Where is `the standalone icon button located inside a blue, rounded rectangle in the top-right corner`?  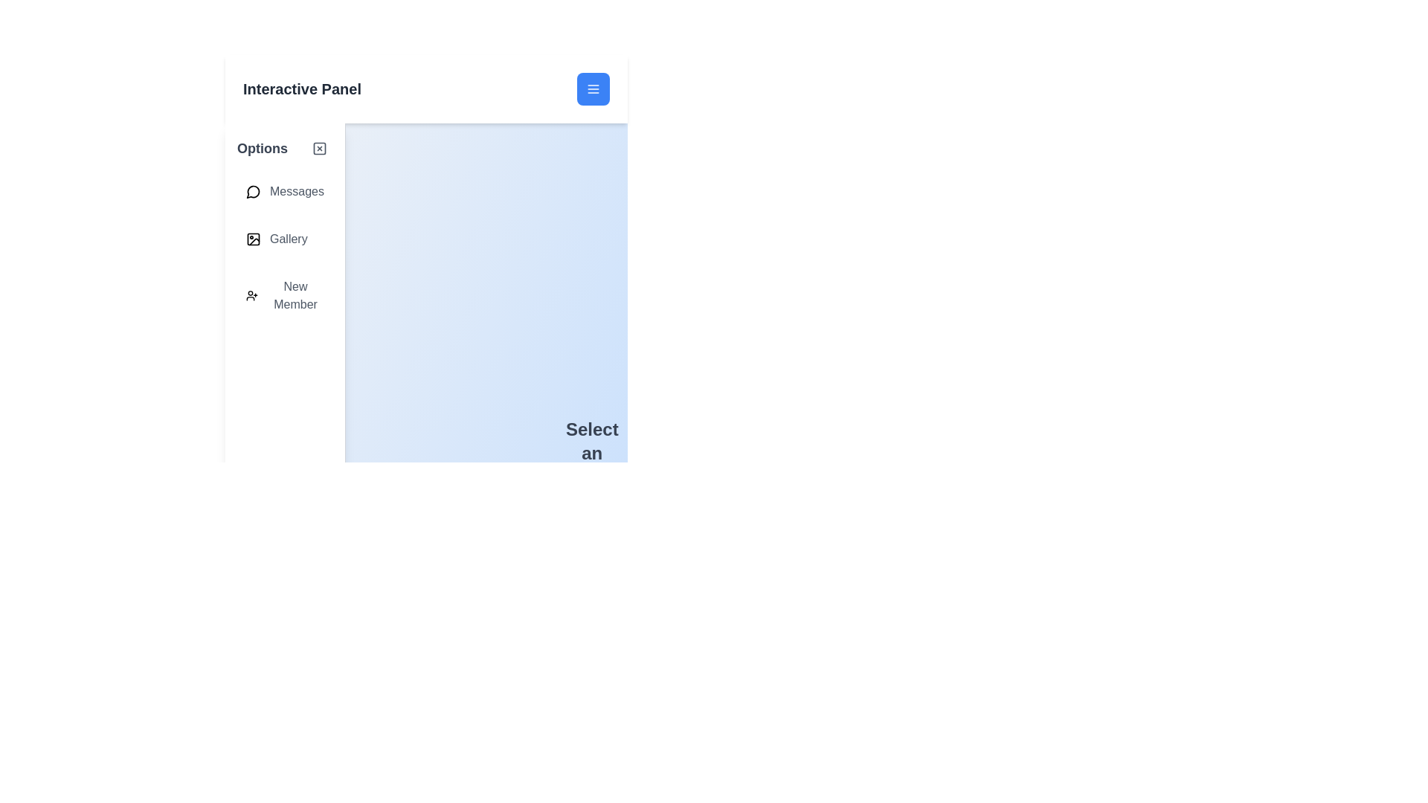
the standalone icon button located inside a blue, rounded rectangle in the top-right corner is located at coordinates (592, 88).